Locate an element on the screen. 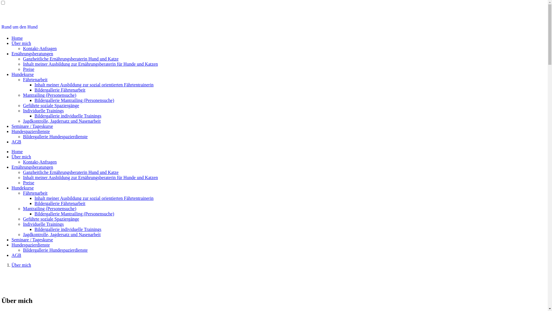 This screenshot has width=552, height=311. 'AGB' is located at coordinates (16, 142).